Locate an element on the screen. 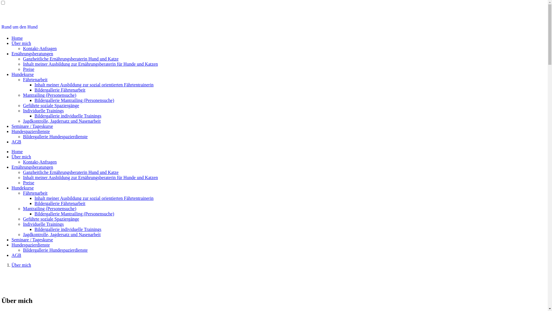 This screenshot has width=552, height=311. 'AGB' is located at coordinates (16, 142).